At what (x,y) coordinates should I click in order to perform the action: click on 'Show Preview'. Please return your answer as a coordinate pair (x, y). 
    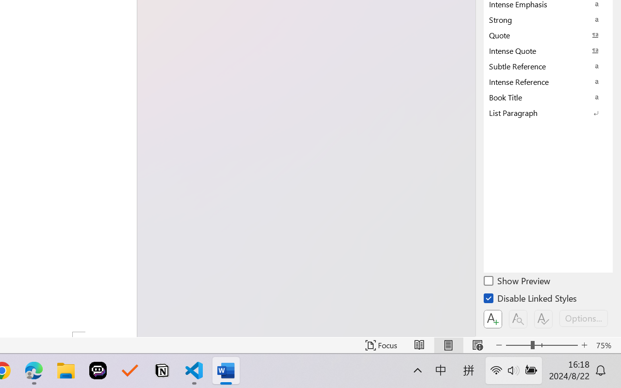
    Looking at the image, I should click on (517, 282).